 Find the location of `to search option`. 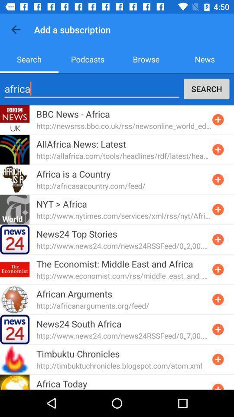

to search option is located at coordinates (218, 359).